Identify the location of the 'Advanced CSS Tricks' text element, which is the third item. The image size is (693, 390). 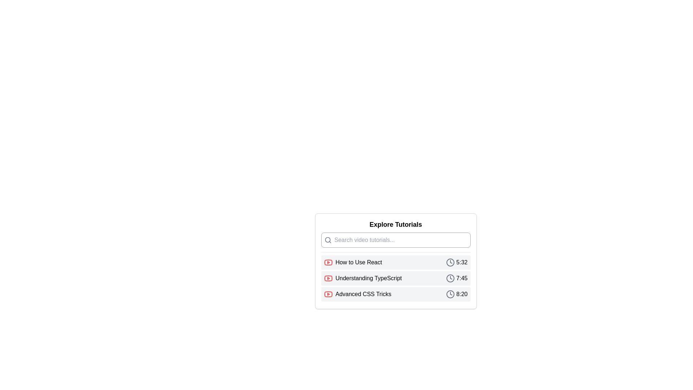
(363, 294).